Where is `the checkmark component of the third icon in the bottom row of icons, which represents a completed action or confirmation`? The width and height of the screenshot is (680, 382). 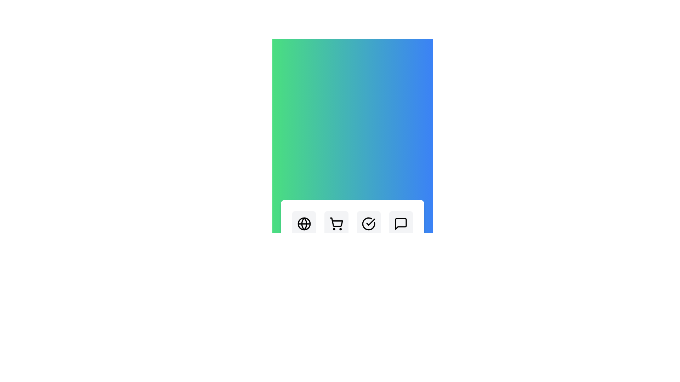
the checkmark component of the third icon in the bottom row of icons, which represents a completed action or confirmation is located at coordinates (370, 222).